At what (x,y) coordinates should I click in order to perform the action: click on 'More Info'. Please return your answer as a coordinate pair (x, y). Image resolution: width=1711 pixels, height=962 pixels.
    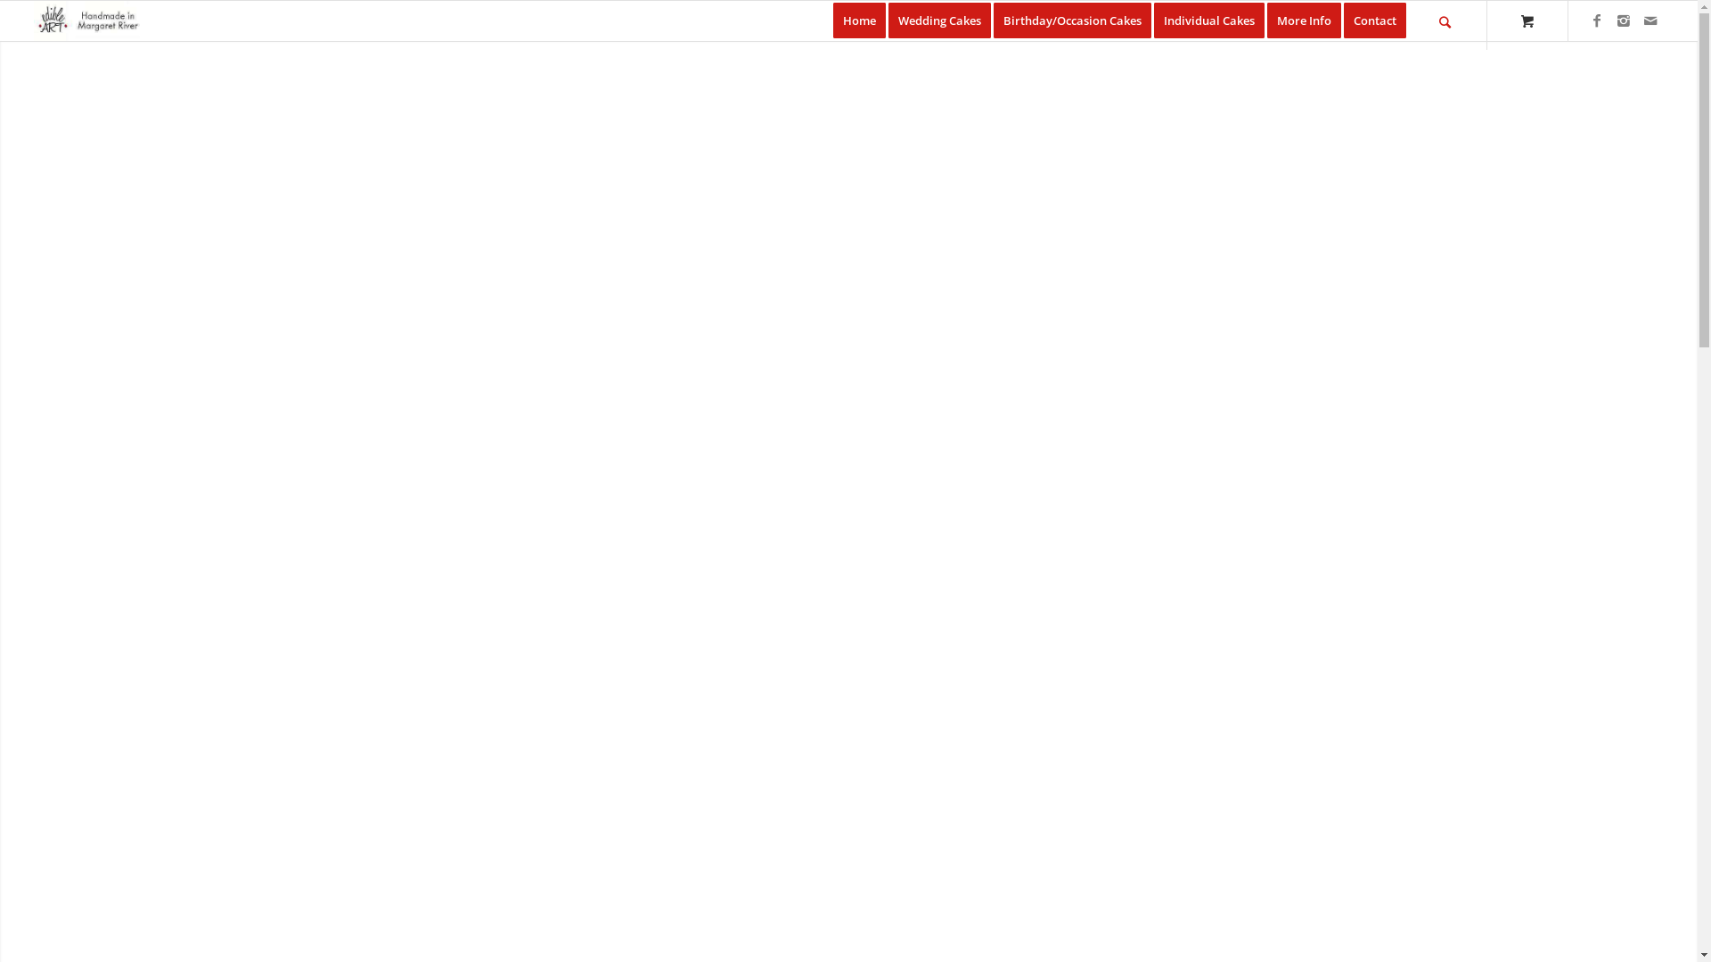
    Looking at the image, I should click on (1309, 20).